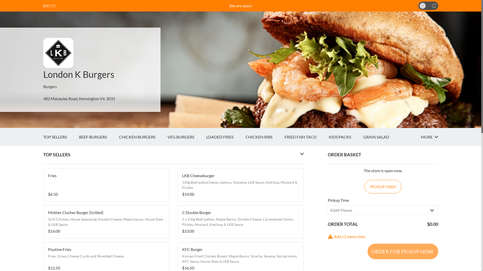 The width and height of the screenshot is (483, 271). What do you see at coordinates (367, 251) in the screenshot?
I see `'ORDER FOR PICKUP NOW '` at bounding box center [367, 251].